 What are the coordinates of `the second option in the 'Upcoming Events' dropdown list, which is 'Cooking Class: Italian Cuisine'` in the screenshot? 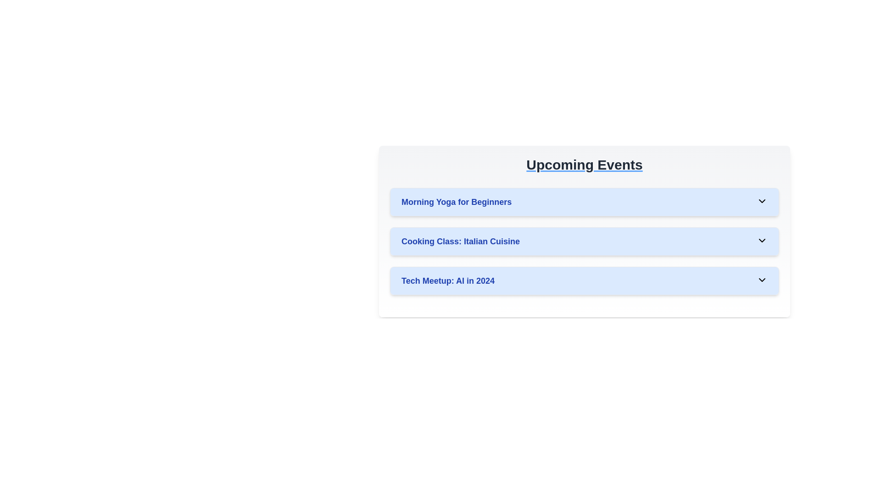 It's located at (584, 231).